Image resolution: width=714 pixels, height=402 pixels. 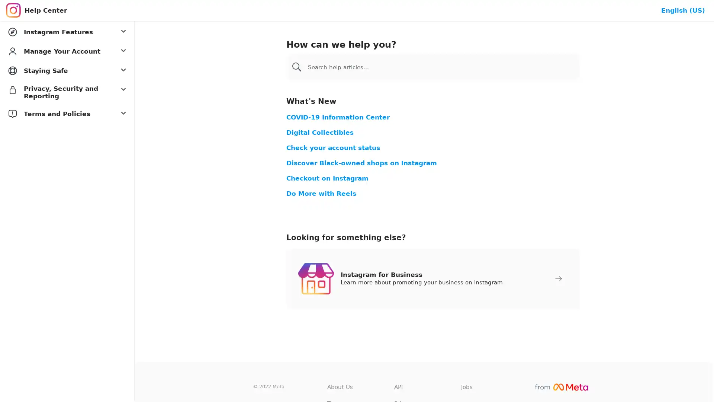 I want to click on Staying Safe, so click(x=67, y=70).